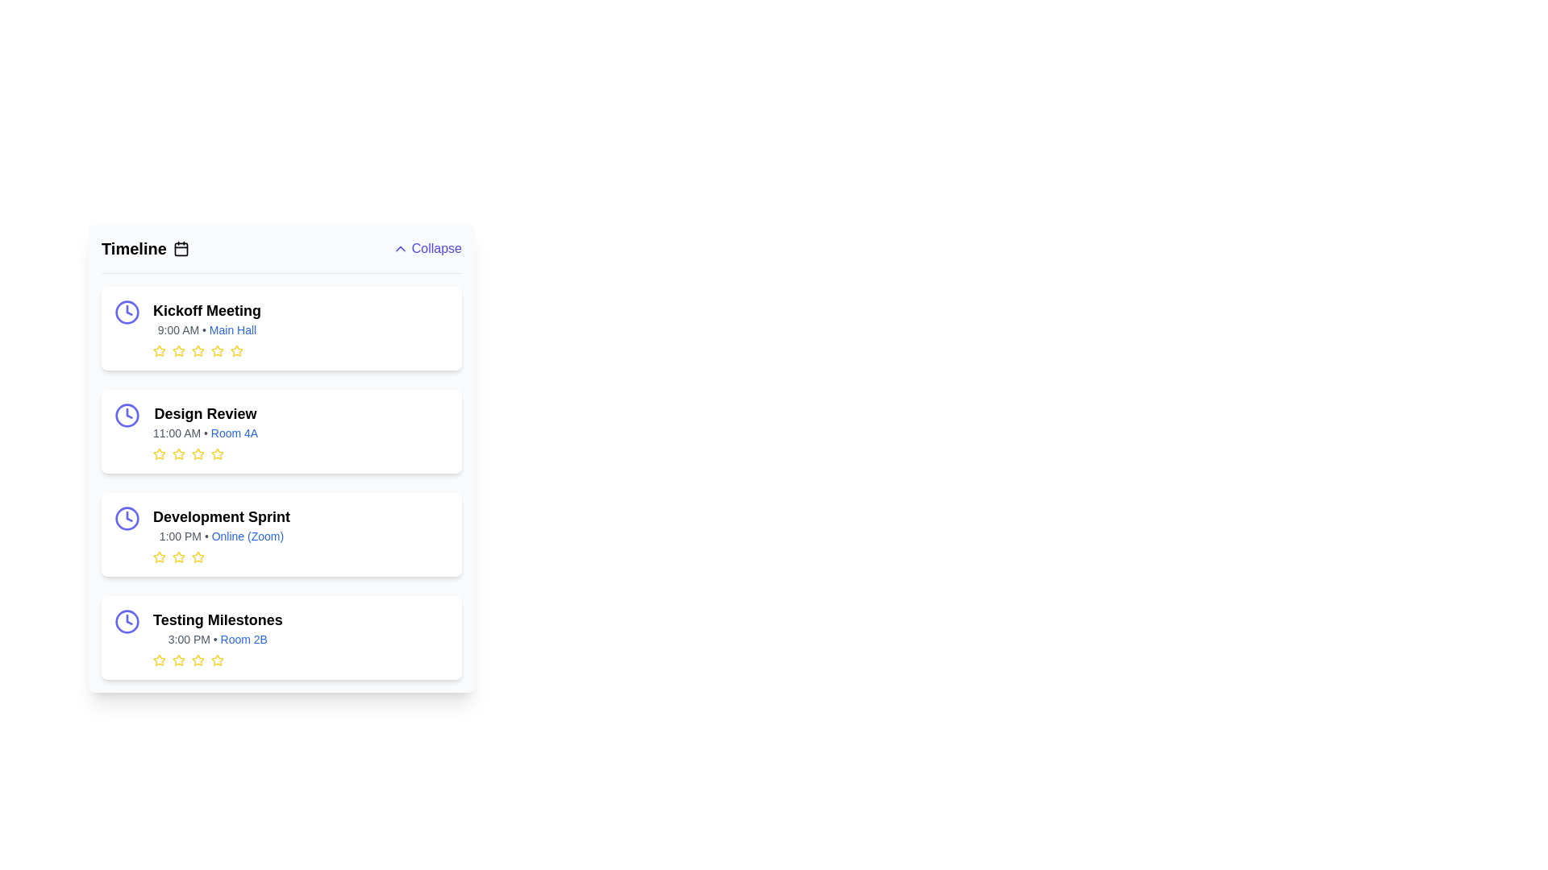  Describe the element at coordinates (205, 431) in the screenshot. I see `the Text block that provides details about a scheduled event, located in the second entry of the vertical list in the 'Timeline' section, positioned between 'Kickoff Meeting' and 'Development Sprint'` at that location.